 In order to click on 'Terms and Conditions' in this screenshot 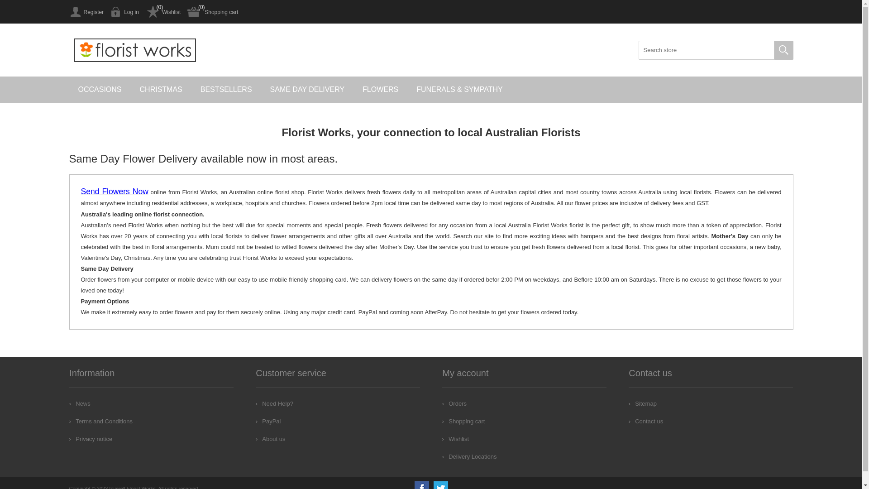, I will do `click(100, 421)`.